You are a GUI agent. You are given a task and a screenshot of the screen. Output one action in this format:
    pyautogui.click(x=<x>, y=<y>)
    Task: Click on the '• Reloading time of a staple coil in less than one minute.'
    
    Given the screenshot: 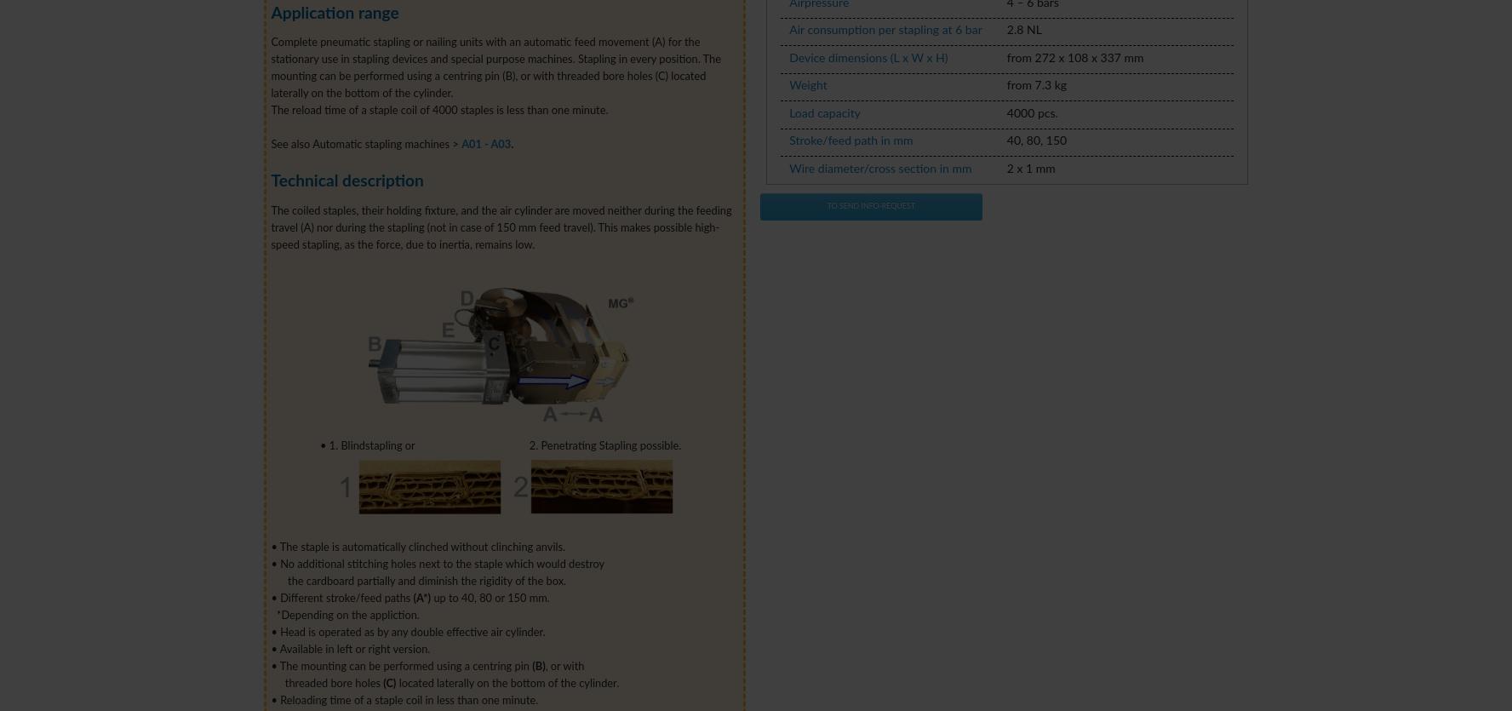 What is the action you would take?
    pyautogui.click(x=404, y=699)
    